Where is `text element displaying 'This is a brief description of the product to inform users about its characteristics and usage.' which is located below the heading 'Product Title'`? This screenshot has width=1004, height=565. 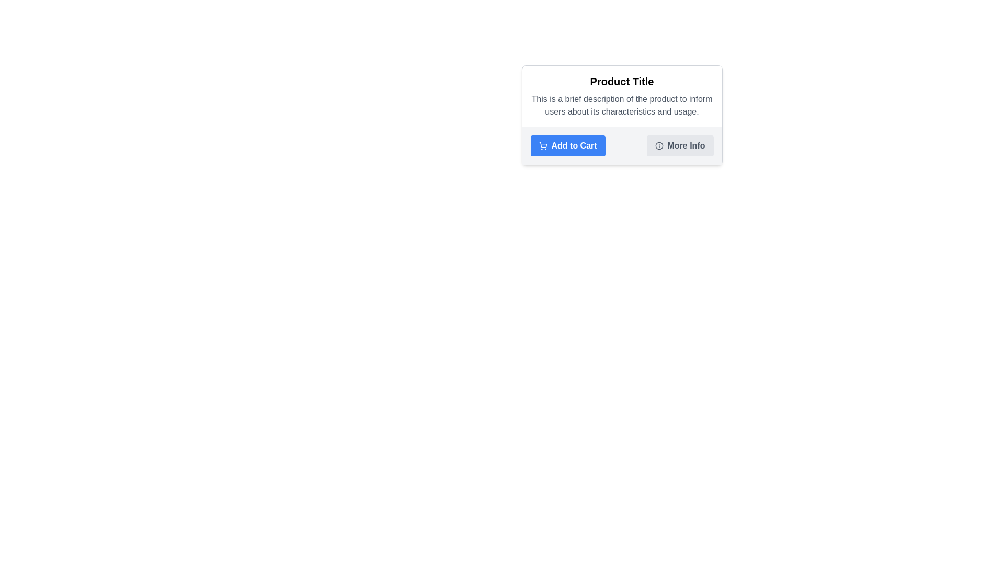
text element displaying 'This is a brief description of the product to inform users about its characteristics and usage.' which is located below the heading 'Product Title' is located at coordinates (622, 105).